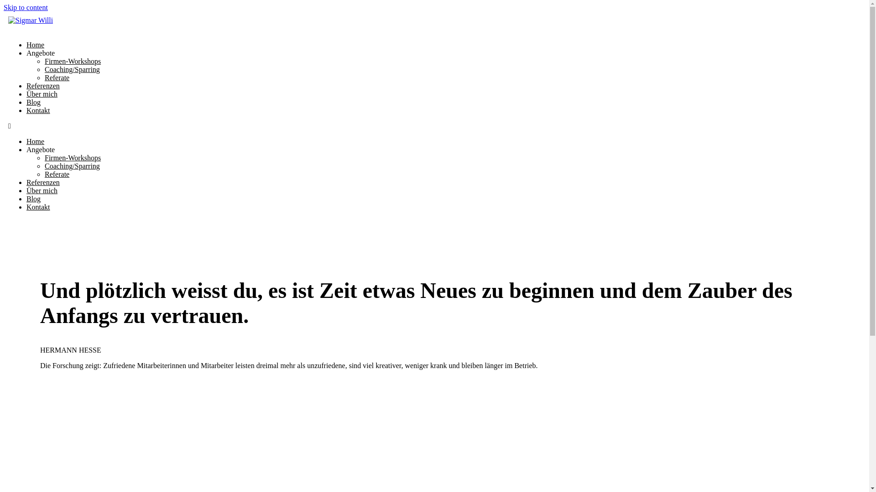 This screenshot has width=876, height=492. I want to click on 'Coaching/Sparring', so click(72, 166).